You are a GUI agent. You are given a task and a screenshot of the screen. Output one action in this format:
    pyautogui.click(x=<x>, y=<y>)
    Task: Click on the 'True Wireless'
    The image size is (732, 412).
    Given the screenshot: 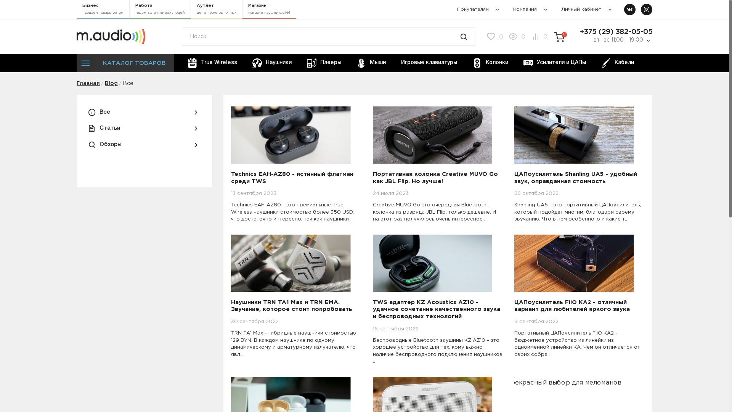 What is the action you would take?
    pyautogui.click(x=181, y=63)
    